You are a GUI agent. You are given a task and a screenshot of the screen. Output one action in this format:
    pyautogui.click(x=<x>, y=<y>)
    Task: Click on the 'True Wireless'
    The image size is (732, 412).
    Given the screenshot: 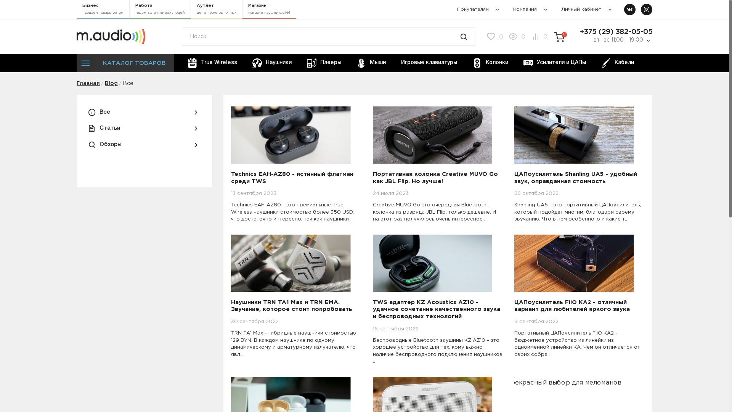 What is the action you would take?
    pyautogui.click(x=181, y=63)
    